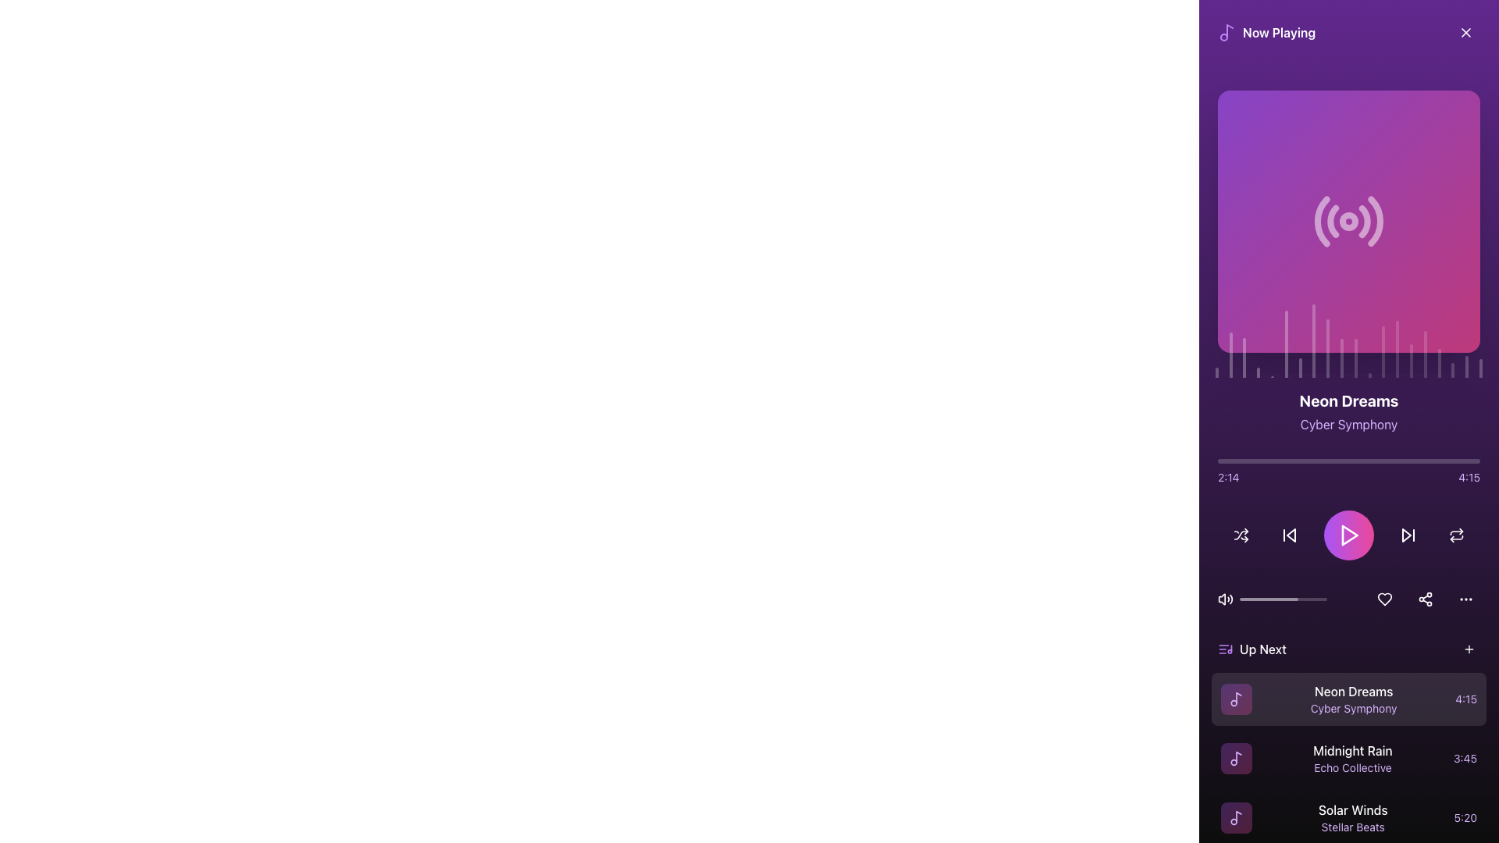 This screenshot has width=1499, height=843. What do you see at coordinates (1280, 598) in the screenshot?
I see `the volume slider` at bounding box center [1280, 598].